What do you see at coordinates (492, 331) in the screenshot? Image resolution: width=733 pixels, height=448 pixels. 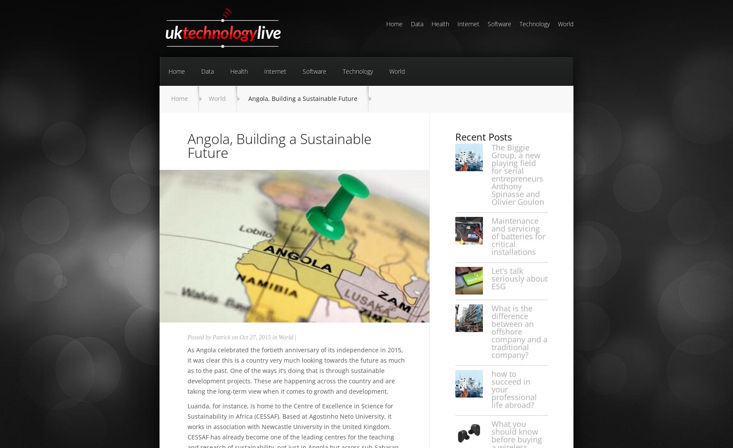 I see `'What is the difference between an offshore company and a traditional company?'` at bounding box center [492, 331].